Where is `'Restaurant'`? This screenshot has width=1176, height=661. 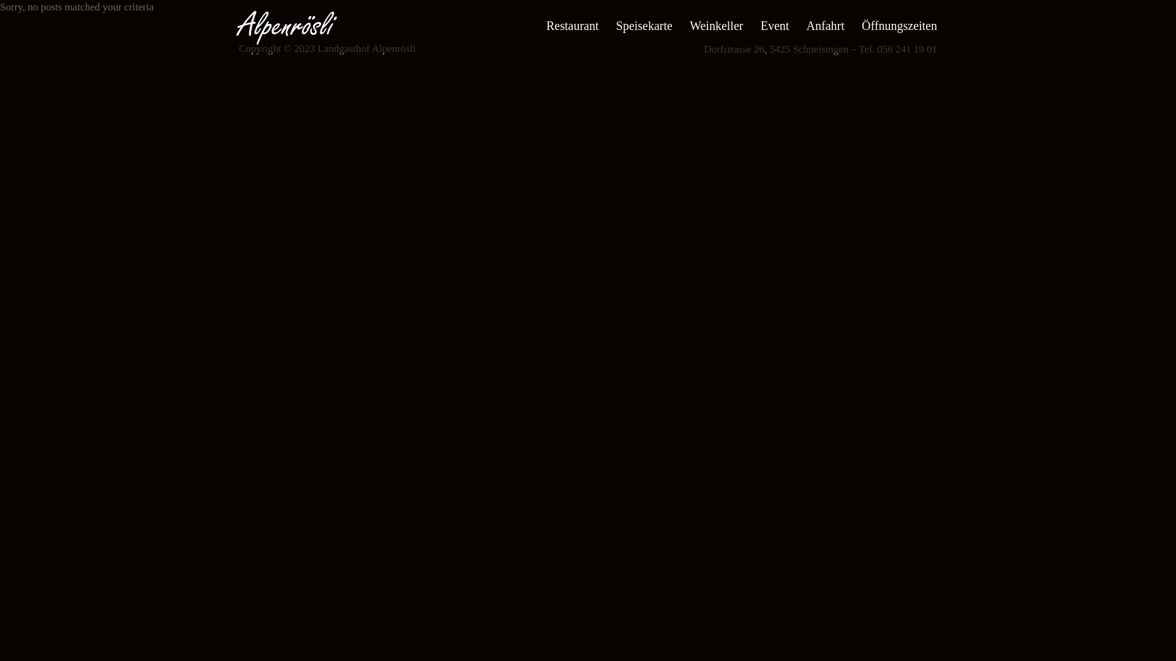 'Restaurant' is located at coordinates (572, 26).